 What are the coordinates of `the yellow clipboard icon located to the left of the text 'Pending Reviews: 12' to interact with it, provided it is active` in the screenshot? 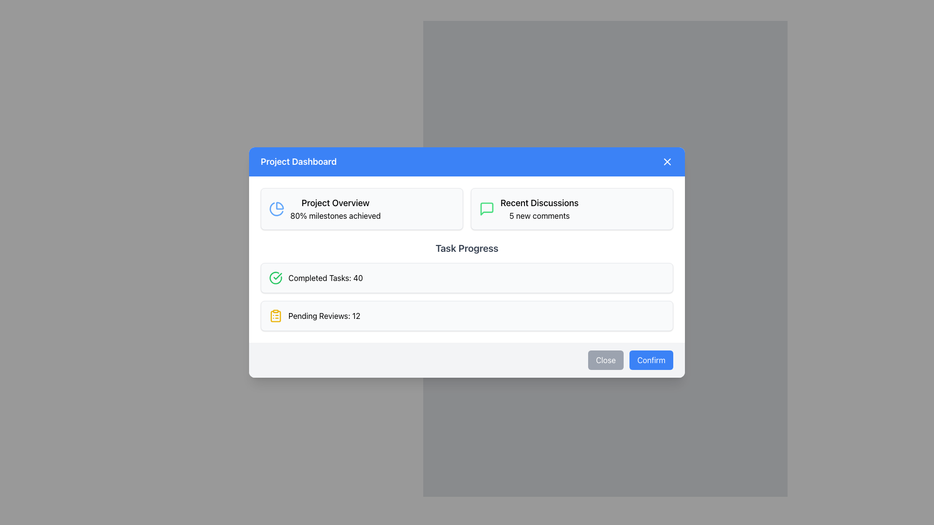 It's located at (275, 316).